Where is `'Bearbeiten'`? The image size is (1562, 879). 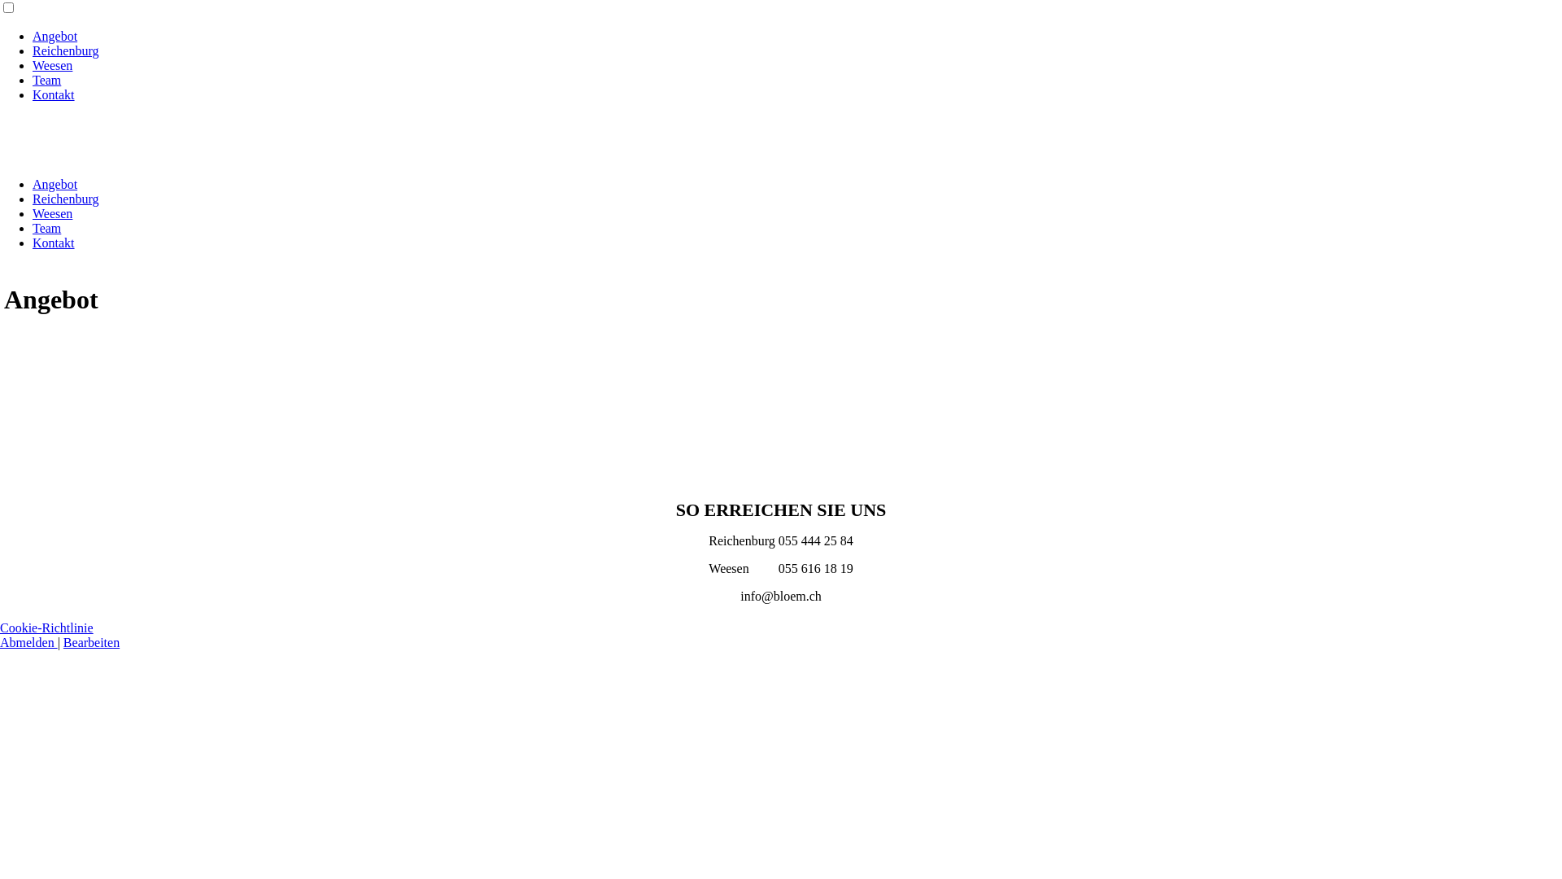 'Bearbeiten' is located at coordinates (63, 641).